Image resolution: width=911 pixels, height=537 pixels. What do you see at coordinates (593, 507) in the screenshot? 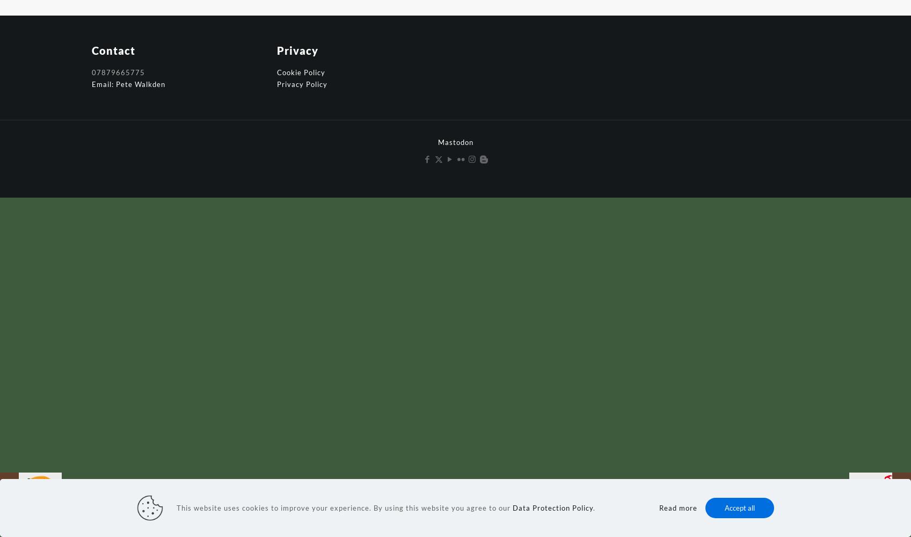
I see `'.'` at bounding box center [593, 507].